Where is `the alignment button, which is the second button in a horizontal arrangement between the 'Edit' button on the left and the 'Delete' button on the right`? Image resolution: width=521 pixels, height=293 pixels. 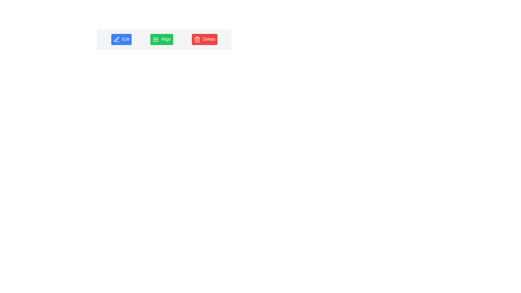 the alignment button, which is the second button in a horizontal arrangement between the 'Edit' button on the left and the 'Delete' button on the right is located at coordinates (161, 39).